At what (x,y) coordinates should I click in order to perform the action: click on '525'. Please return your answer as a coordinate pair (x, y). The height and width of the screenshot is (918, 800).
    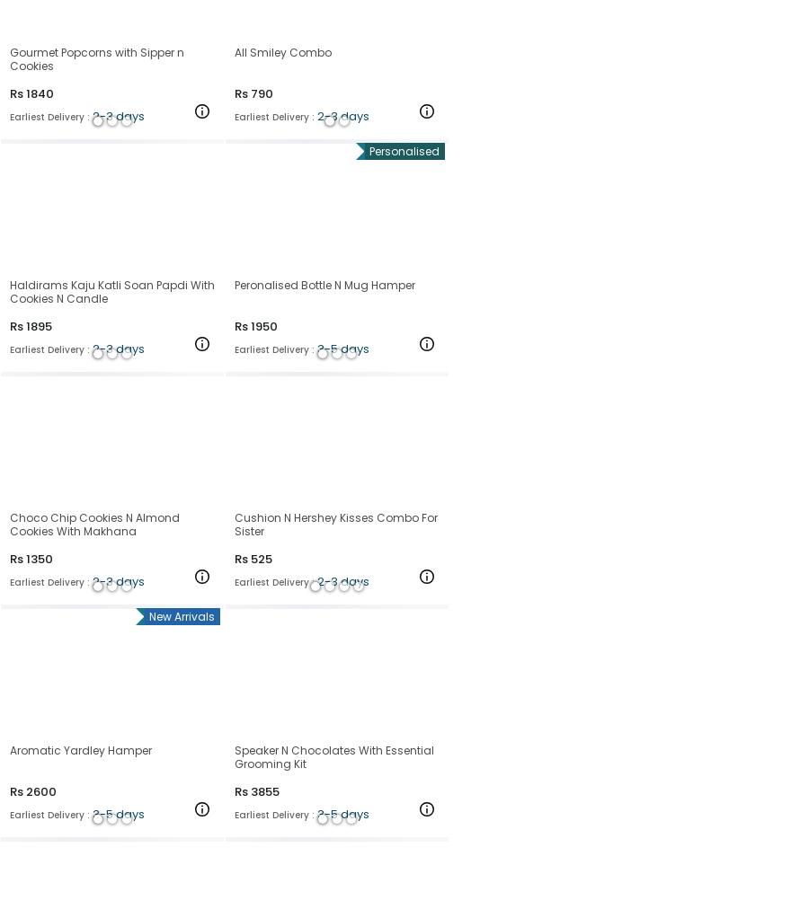
    Looking at the image, I should click on (261, 557).